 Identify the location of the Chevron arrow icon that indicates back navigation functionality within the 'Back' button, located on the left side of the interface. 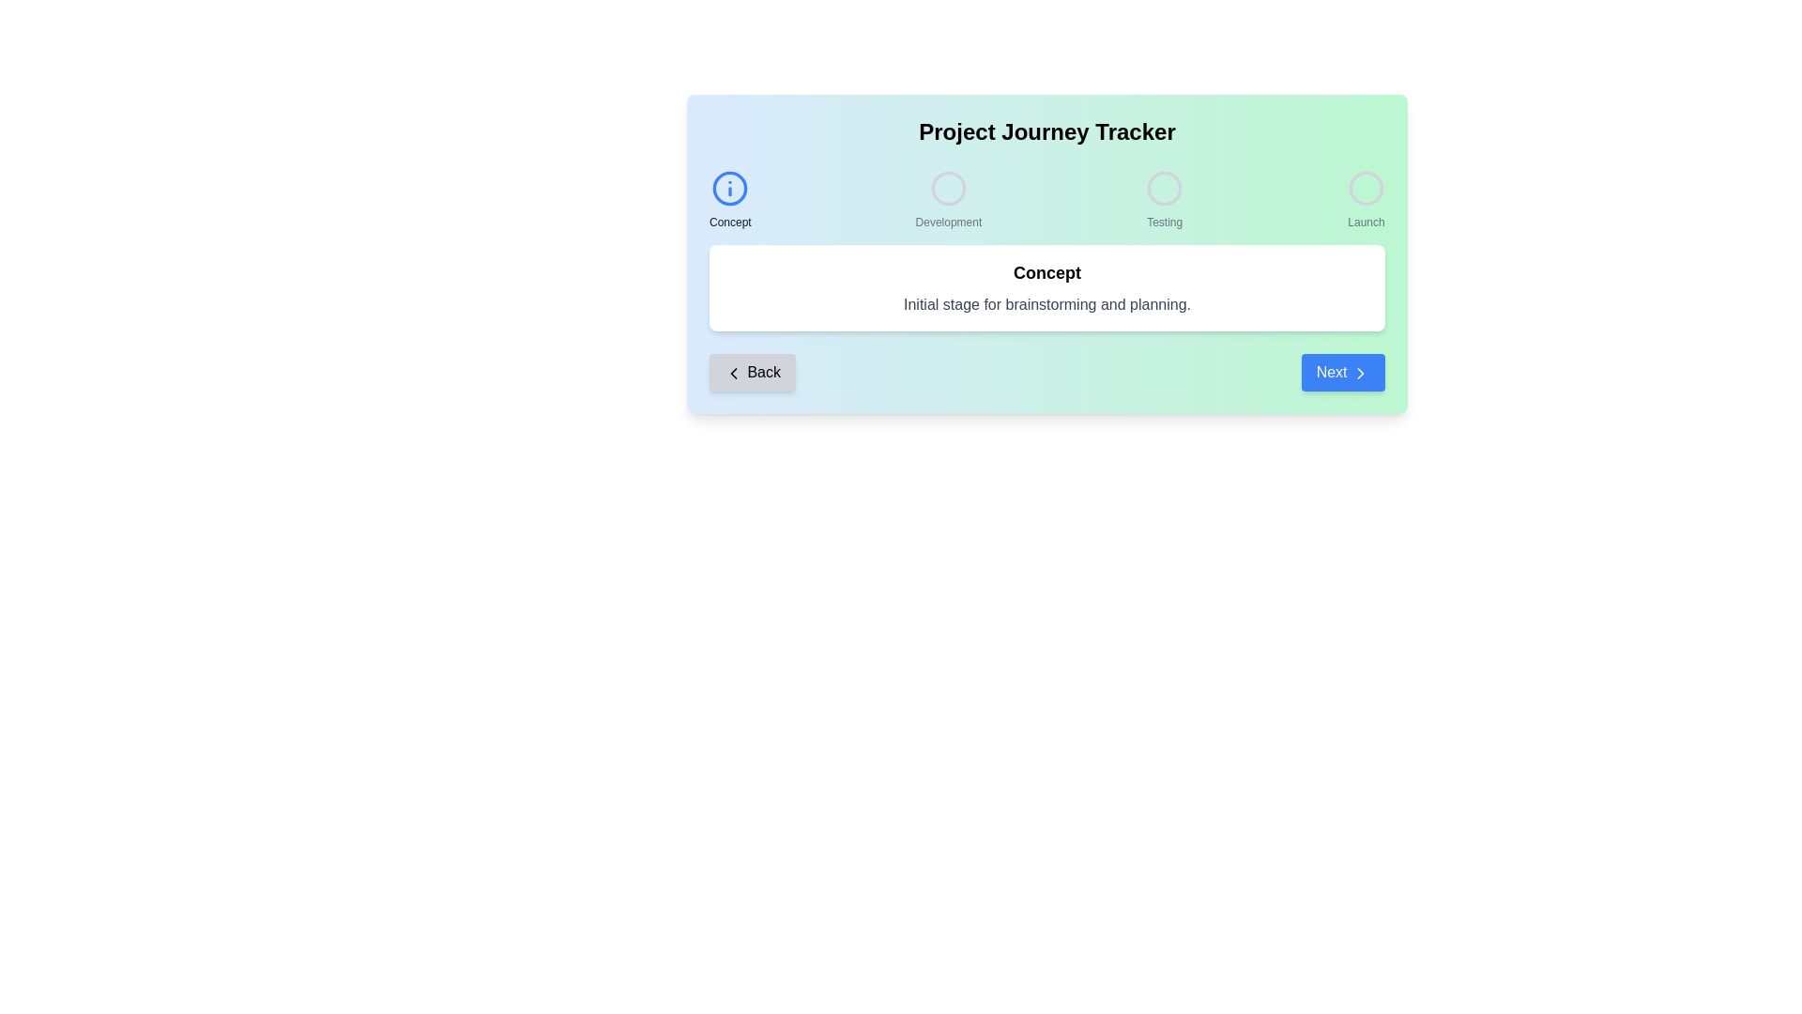
(733, 373).